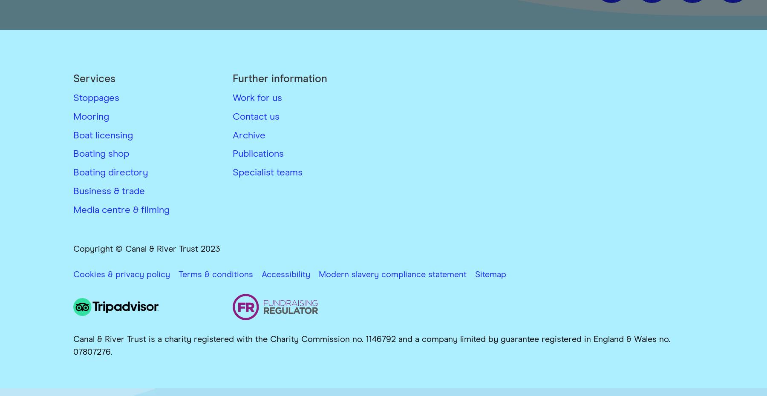  I want to click on 'Services', so click(94, 78).